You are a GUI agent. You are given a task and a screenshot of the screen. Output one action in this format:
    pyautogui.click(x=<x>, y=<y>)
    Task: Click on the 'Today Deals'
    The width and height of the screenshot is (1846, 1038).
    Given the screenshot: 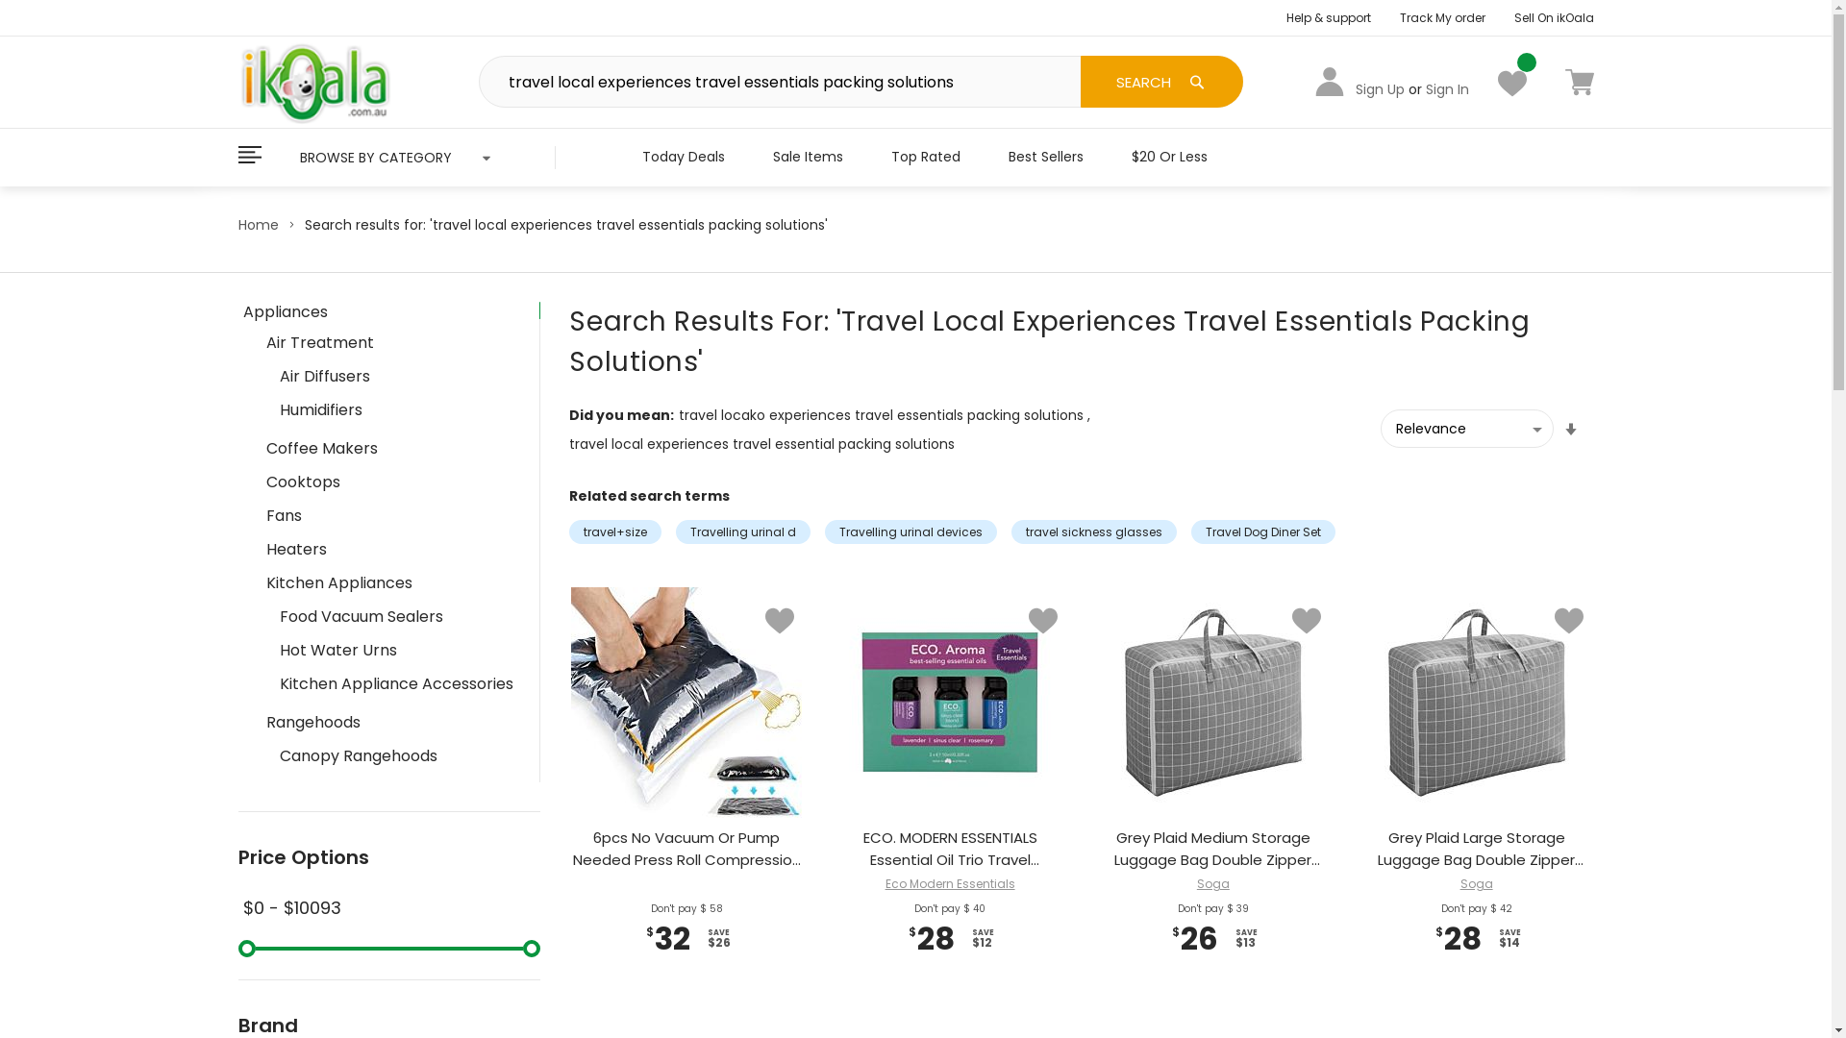 What is the action you would take?
    pyautogui.click(x=683, y=155)
    